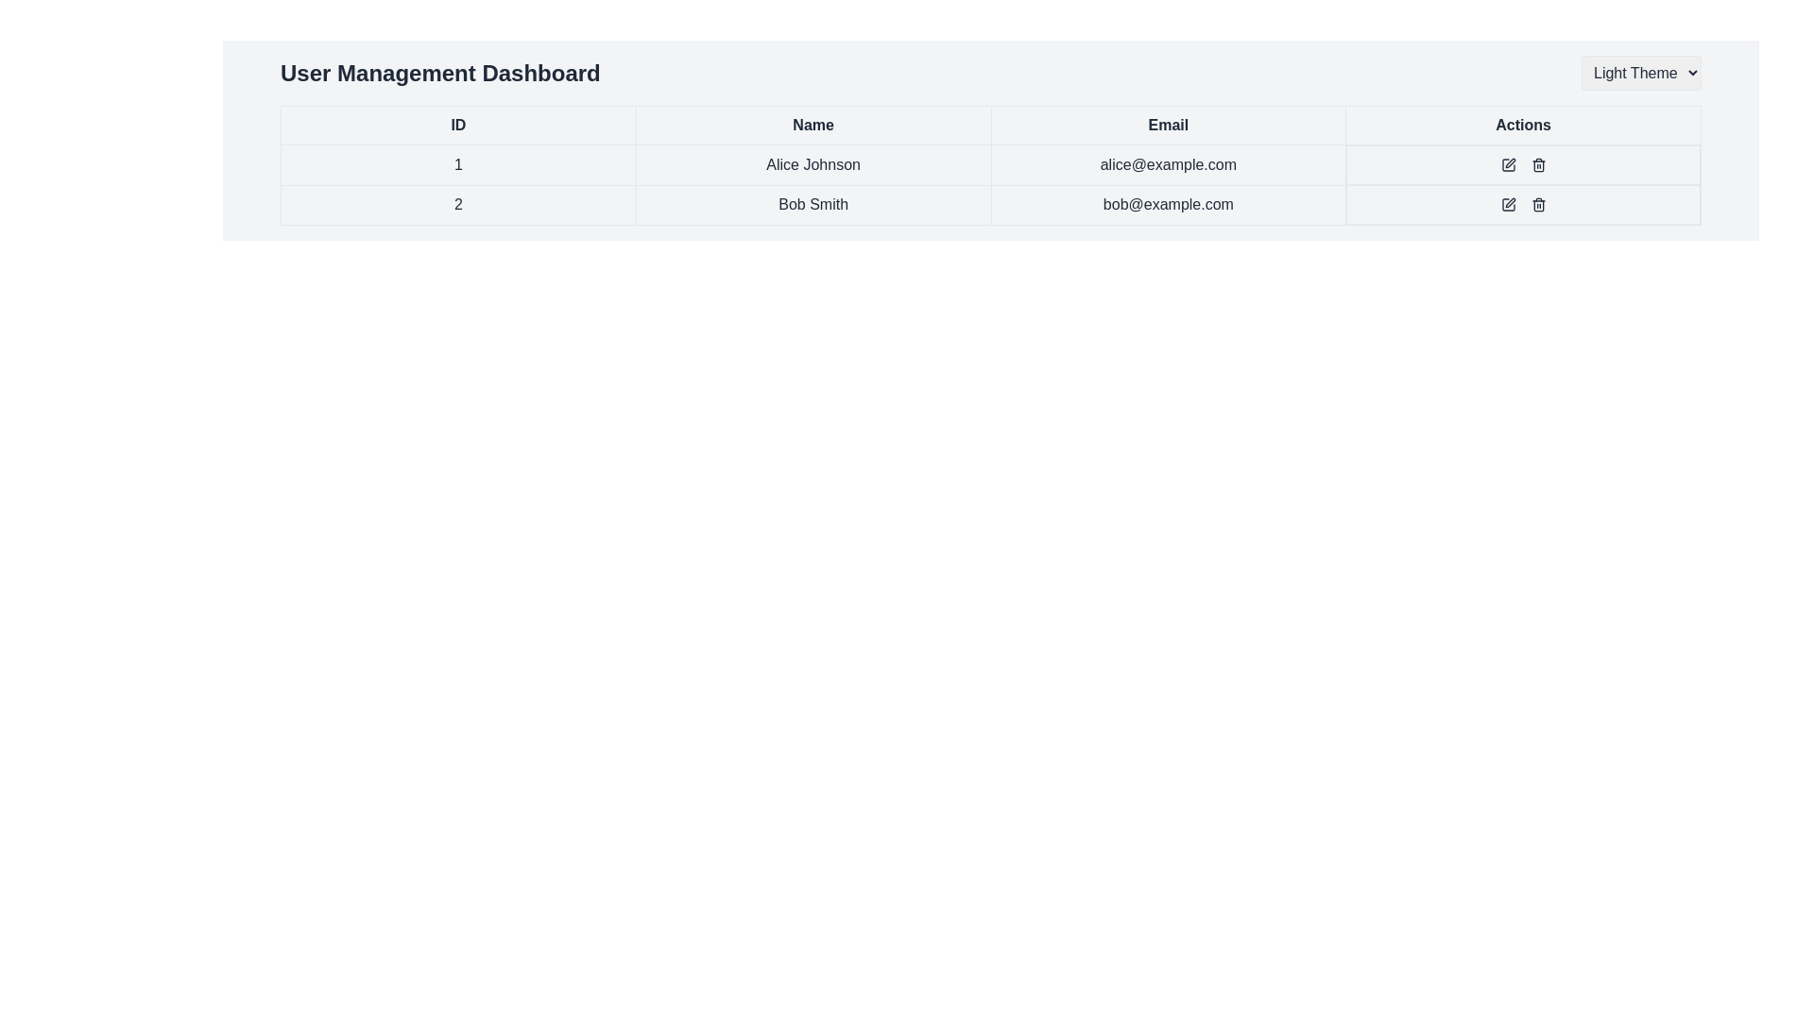 This screenshot has width=1814, height=1020. I want to click on text from the Table Header Cell that serves as the header label for the column containing email addresses, positioned between the 'Name' and 'Actions' cells, so click(1167, 125).